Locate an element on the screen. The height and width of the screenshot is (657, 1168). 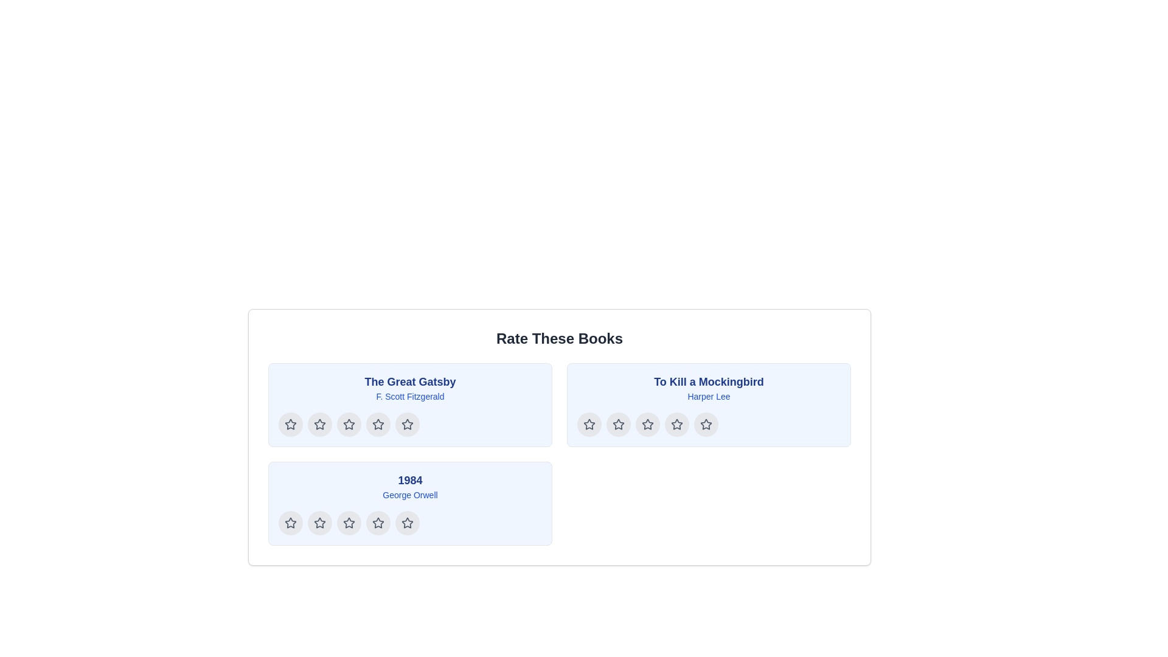
the third star rating icon, which is a circular icon with a gray outline of a star located below the '1984' book section is located at coordinates (349, 523).